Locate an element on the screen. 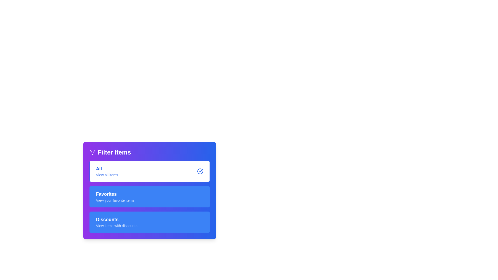 This screenshot has width=498, height=280. the 'Favorites' button, which is the second button in the 'Filter Items' section is located at coordinates (149, 191).